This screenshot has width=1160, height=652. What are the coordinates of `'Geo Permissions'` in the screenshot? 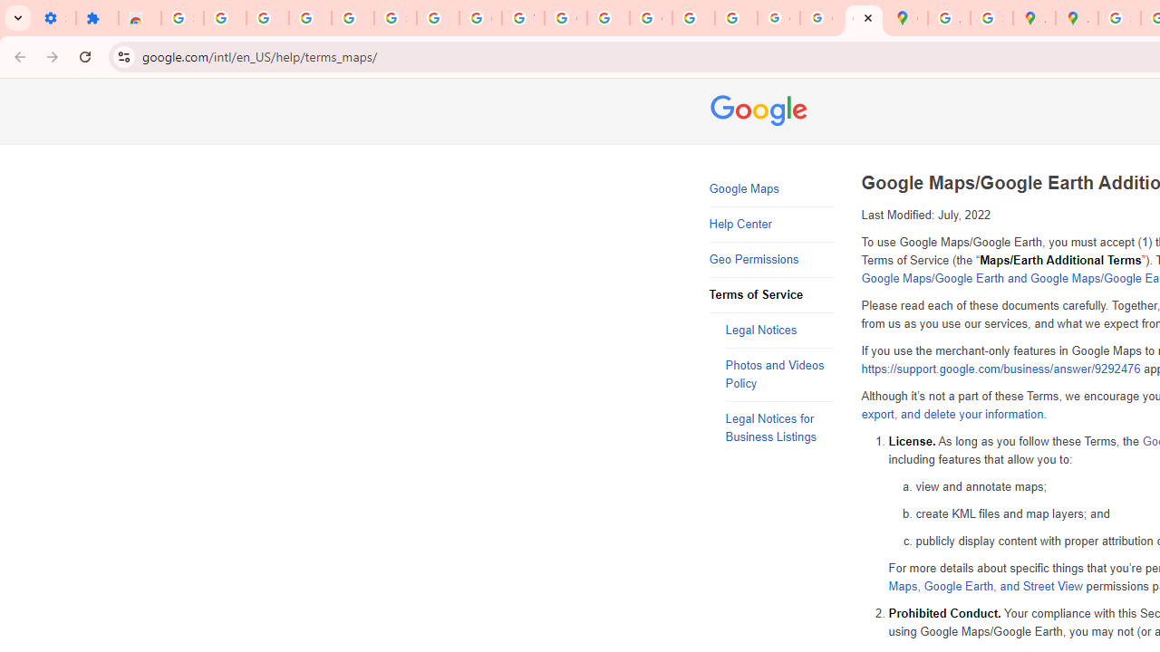 It's located at (771, 260).